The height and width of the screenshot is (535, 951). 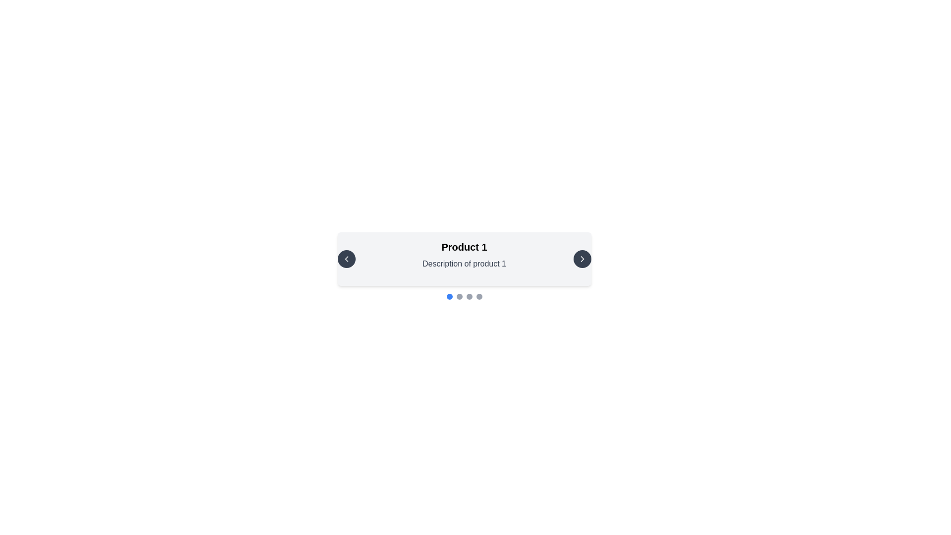 What do you see at coordinates (582, 259) in the screenshot?
I see `the navigation icon located within the circular button on the right side of the central information card` at bounding box center [582, 259].